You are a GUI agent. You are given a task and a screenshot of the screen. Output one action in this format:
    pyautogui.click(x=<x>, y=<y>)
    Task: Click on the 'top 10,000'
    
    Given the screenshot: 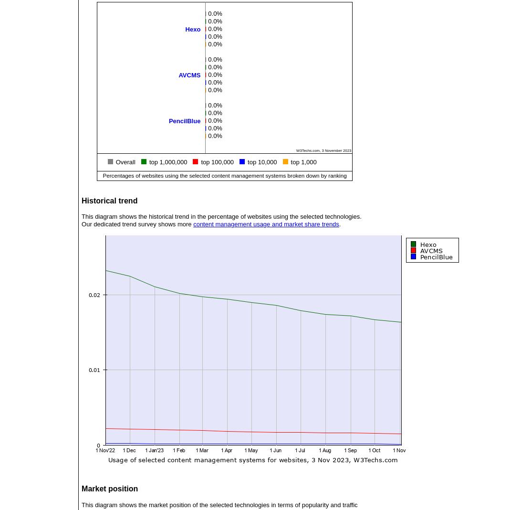 What is the action you would take?
    pyautogui.click(x=262, y=161)
    